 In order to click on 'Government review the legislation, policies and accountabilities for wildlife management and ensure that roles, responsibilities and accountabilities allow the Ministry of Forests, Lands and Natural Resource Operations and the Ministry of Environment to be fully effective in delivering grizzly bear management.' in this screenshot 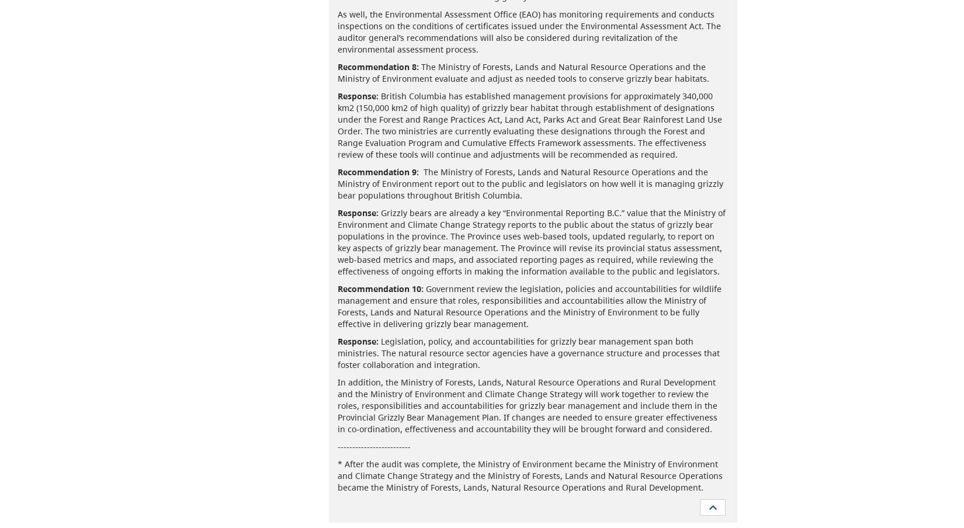, I will do `click(529, 305)`.